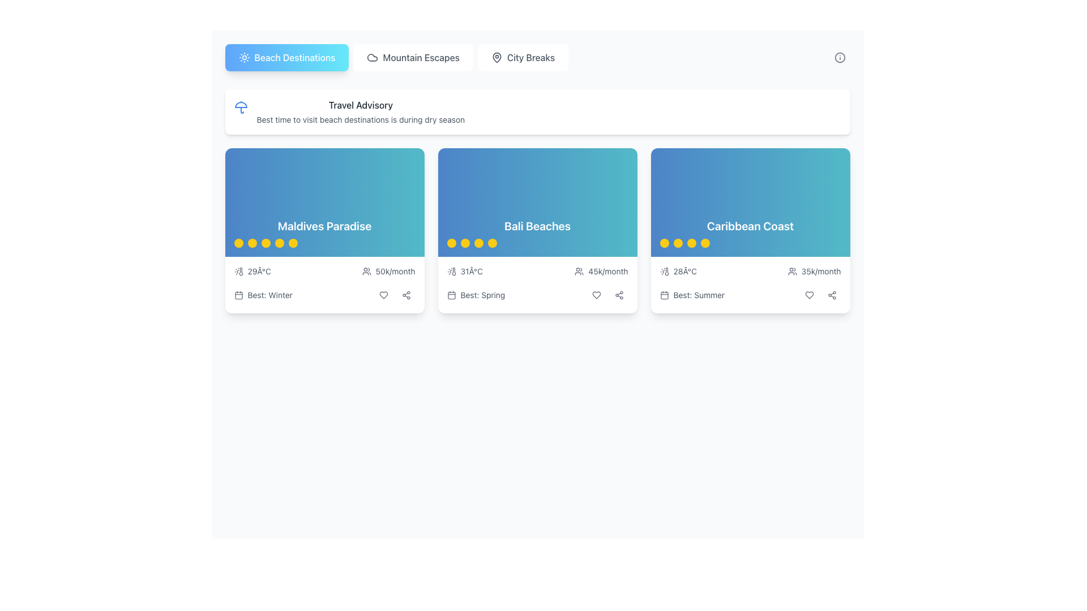 Image resolution: width=1087 pixels, height=611 pixels. I want to click on the rectangle shape within the SVG calendar icon located beneath the 'Caribbean Coast' card in the 'Best' section, so click(664, 295).